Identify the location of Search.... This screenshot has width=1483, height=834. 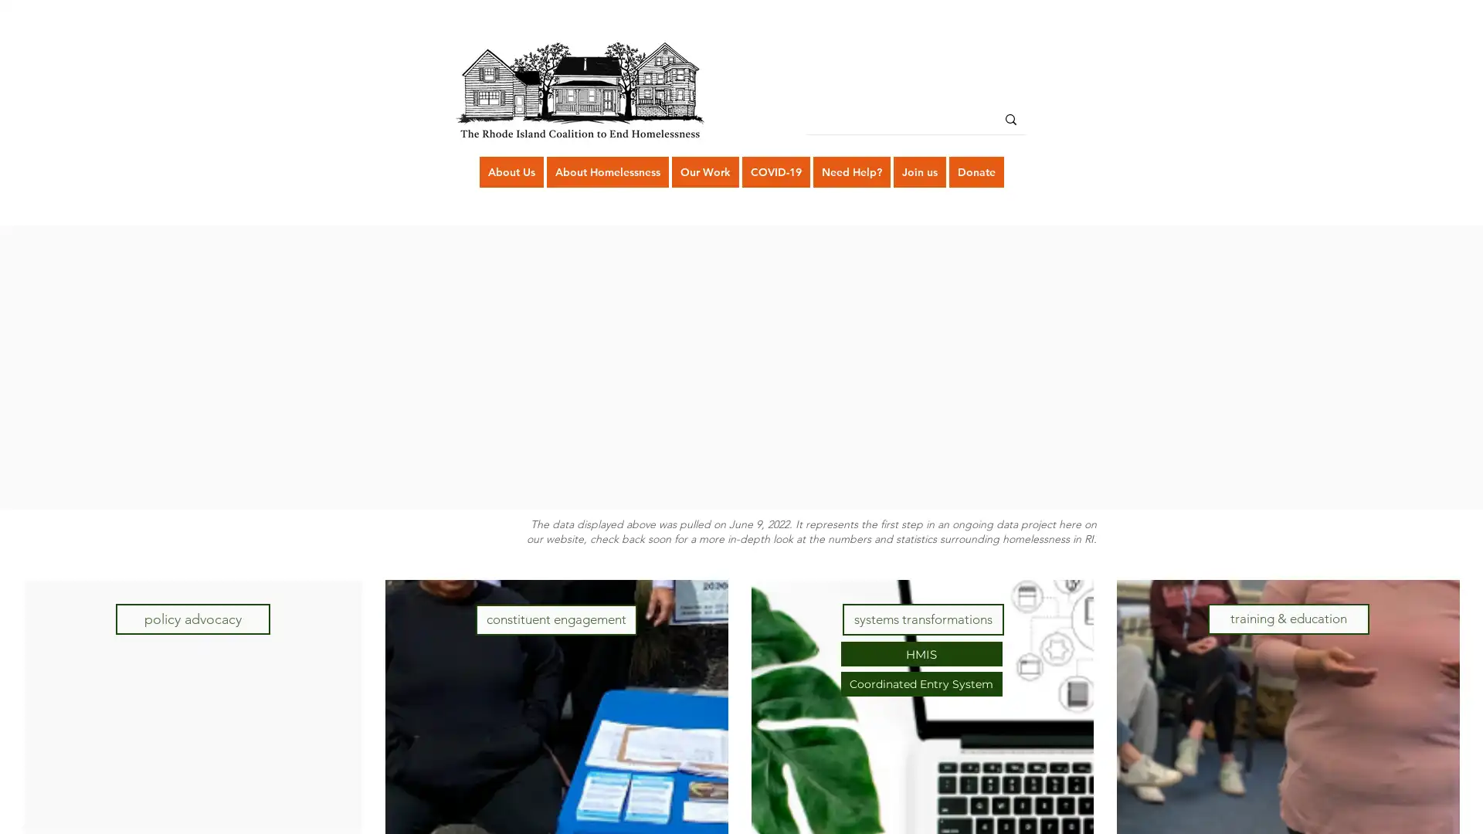
(1011, 118).